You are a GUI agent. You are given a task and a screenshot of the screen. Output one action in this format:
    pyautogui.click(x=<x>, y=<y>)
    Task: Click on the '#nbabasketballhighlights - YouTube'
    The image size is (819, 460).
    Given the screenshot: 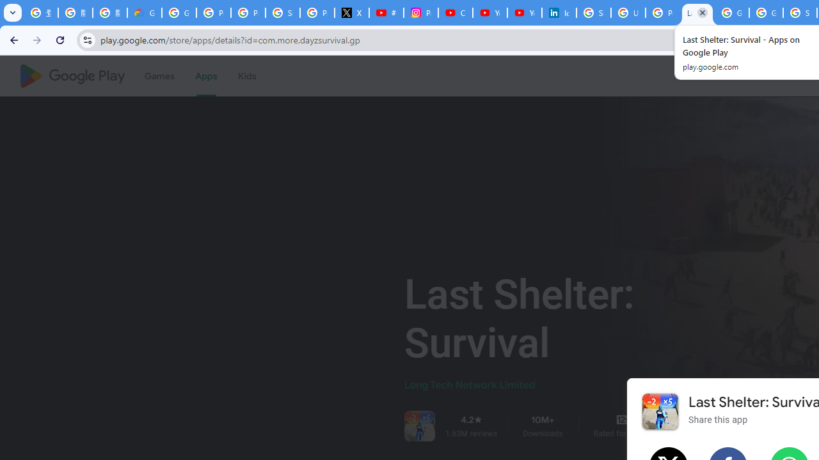 What is the action you would take?
    pyautogui.click(x=386, y=13)
    